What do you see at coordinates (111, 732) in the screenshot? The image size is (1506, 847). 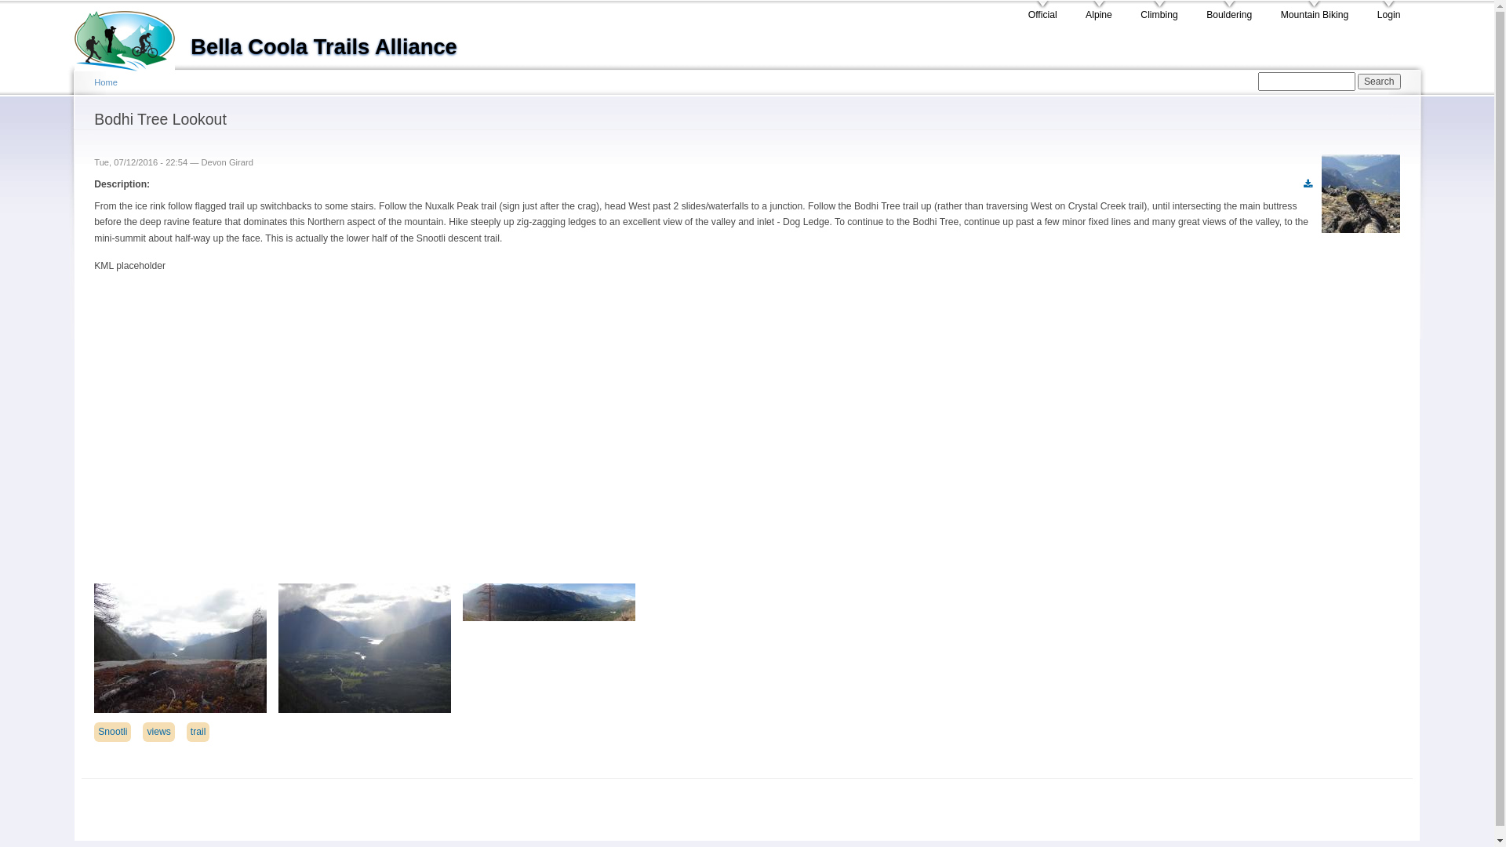 I see `'Snootli'` at bounding box center [111, 732].